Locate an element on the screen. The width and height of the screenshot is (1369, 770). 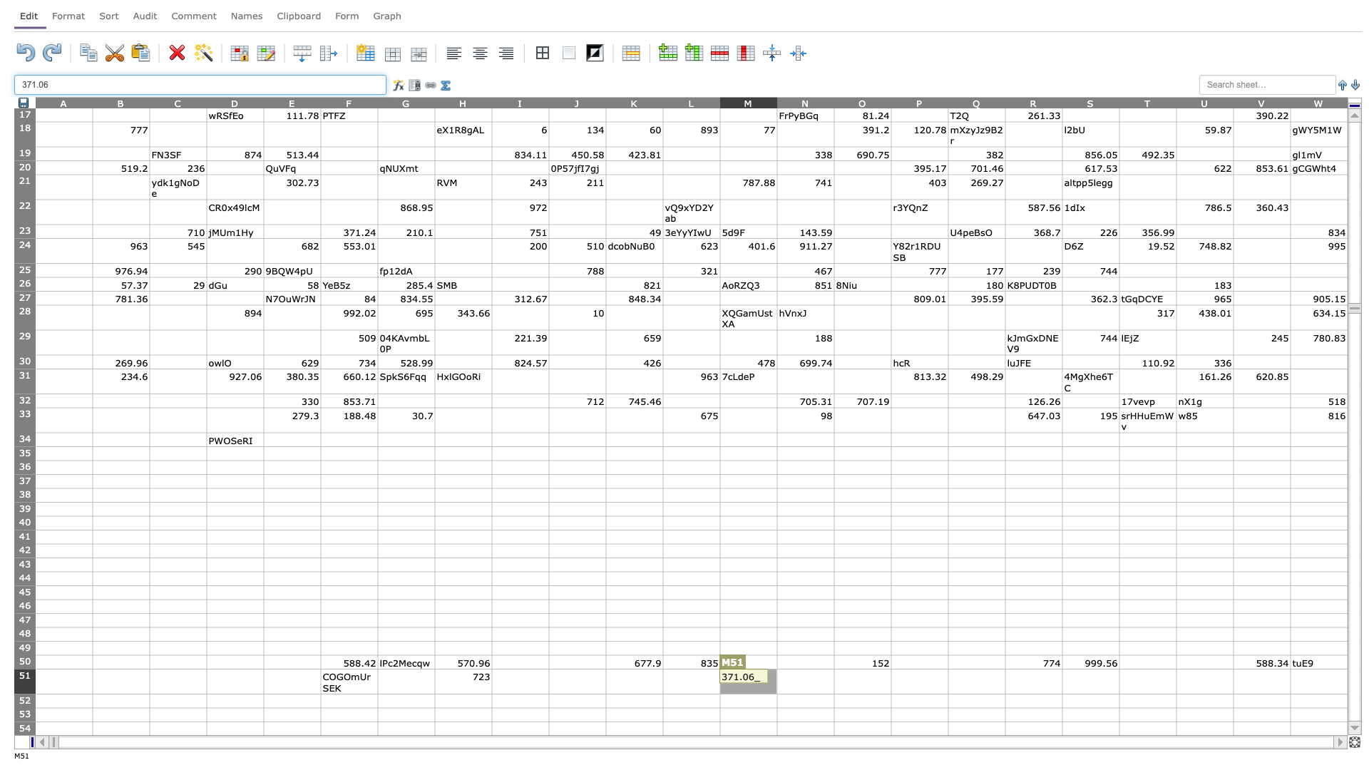
Top left corner at position N51 is located at coordinates (776, 669).